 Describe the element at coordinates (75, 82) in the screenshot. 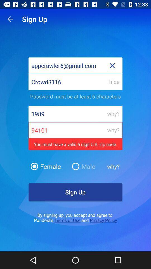

I see `the second text field` at that location.